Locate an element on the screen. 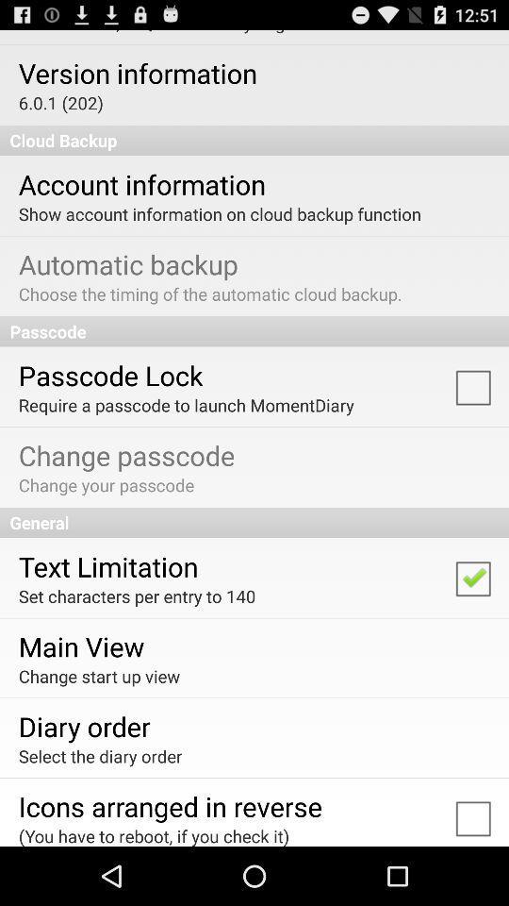  the set characters per item is located at coordinates (136, 595).